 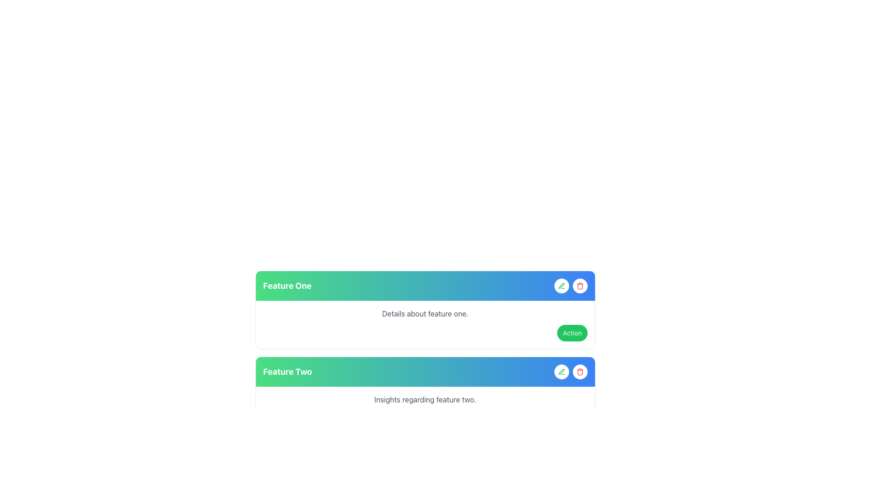 I want to click on the delete icon located at the far right of the blue header bar, so click(x=579, y=371).